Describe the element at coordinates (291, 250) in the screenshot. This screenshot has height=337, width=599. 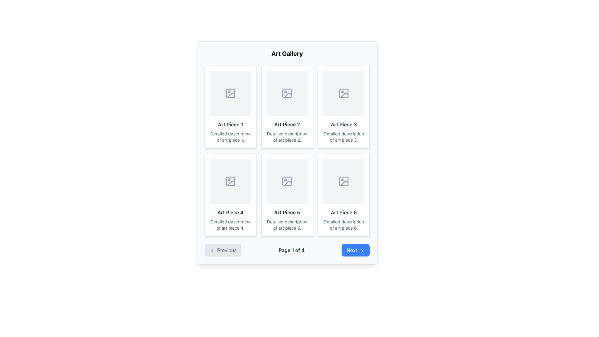
I see `the Text label that indicates the current page number and total number of pages, positioned between the 'Previous' and 'Next' buttons in the navigation bar at the bottom of the interface` at that location.